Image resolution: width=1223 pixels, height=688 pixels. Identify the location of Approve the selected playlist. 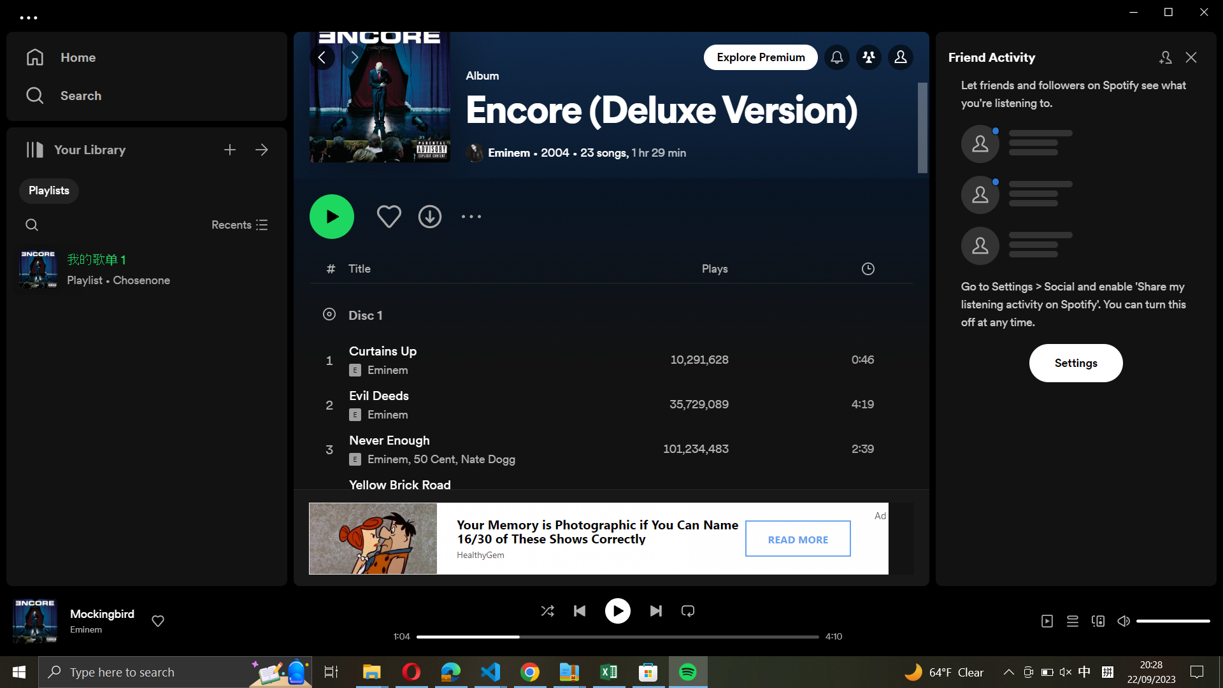
(387, 215).